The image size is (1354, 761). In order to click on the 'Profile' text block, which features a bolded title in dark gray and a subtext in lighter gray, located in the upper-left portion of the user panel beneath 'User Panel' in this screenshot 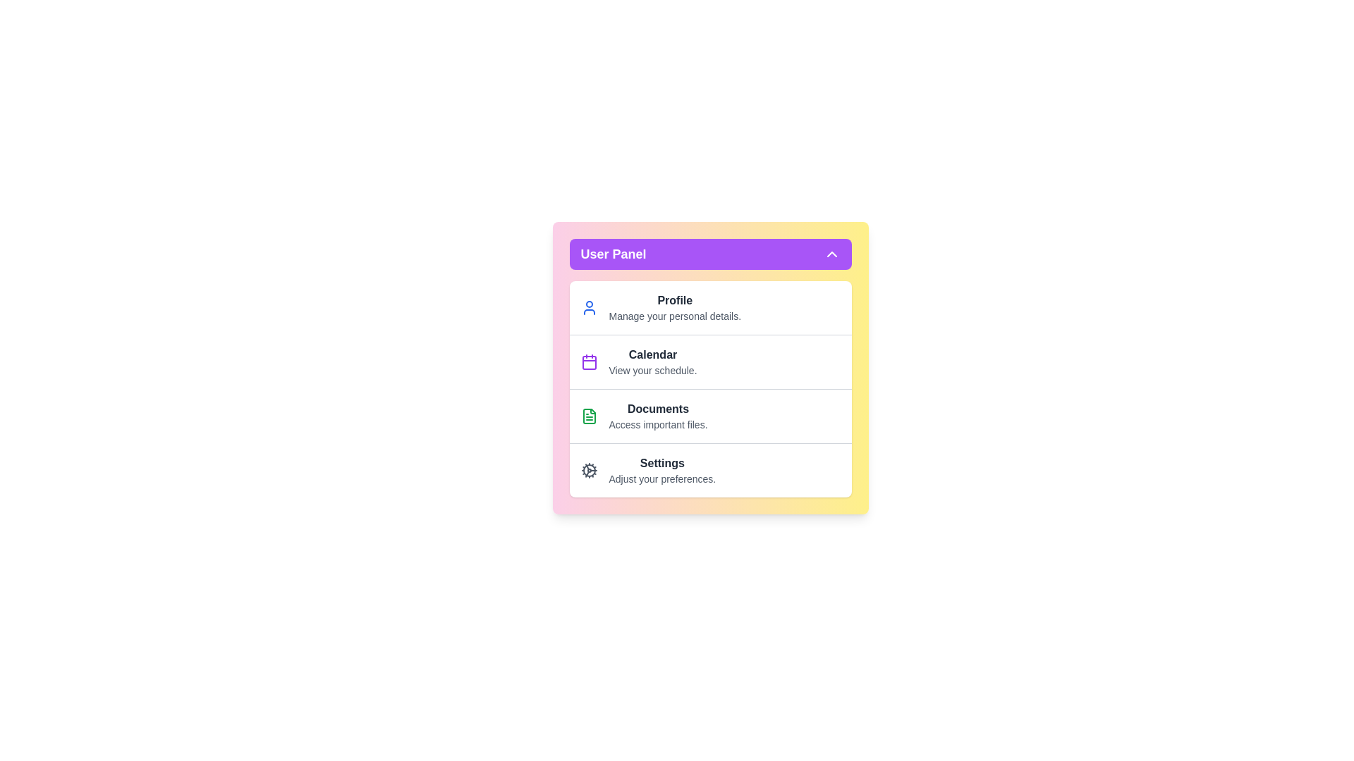, I will do `click(674, 307)`.